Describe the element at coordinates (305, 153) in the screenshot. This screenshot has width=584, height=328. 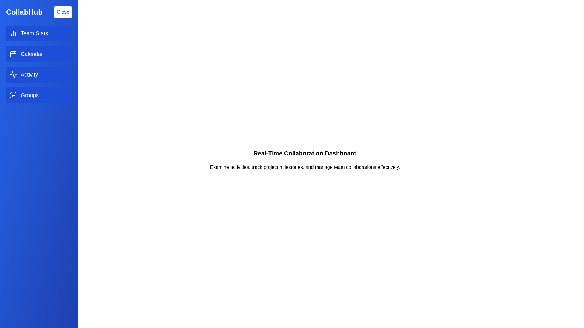
I see `the text 'Real-Time Collaboration Dashboard' in the main content area` at that location.